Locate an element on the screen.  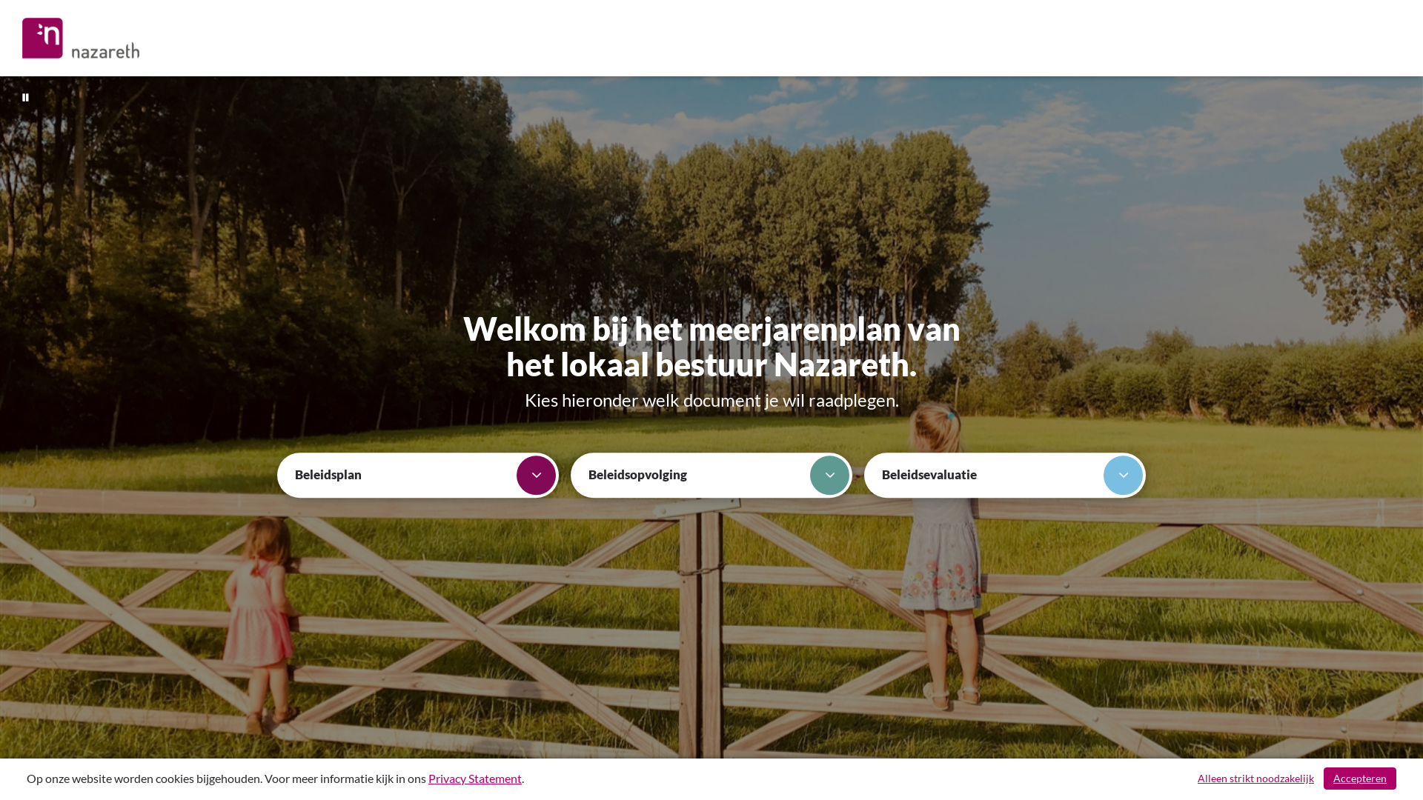
'Beleidsplan' is located at coordinates (417, 475).